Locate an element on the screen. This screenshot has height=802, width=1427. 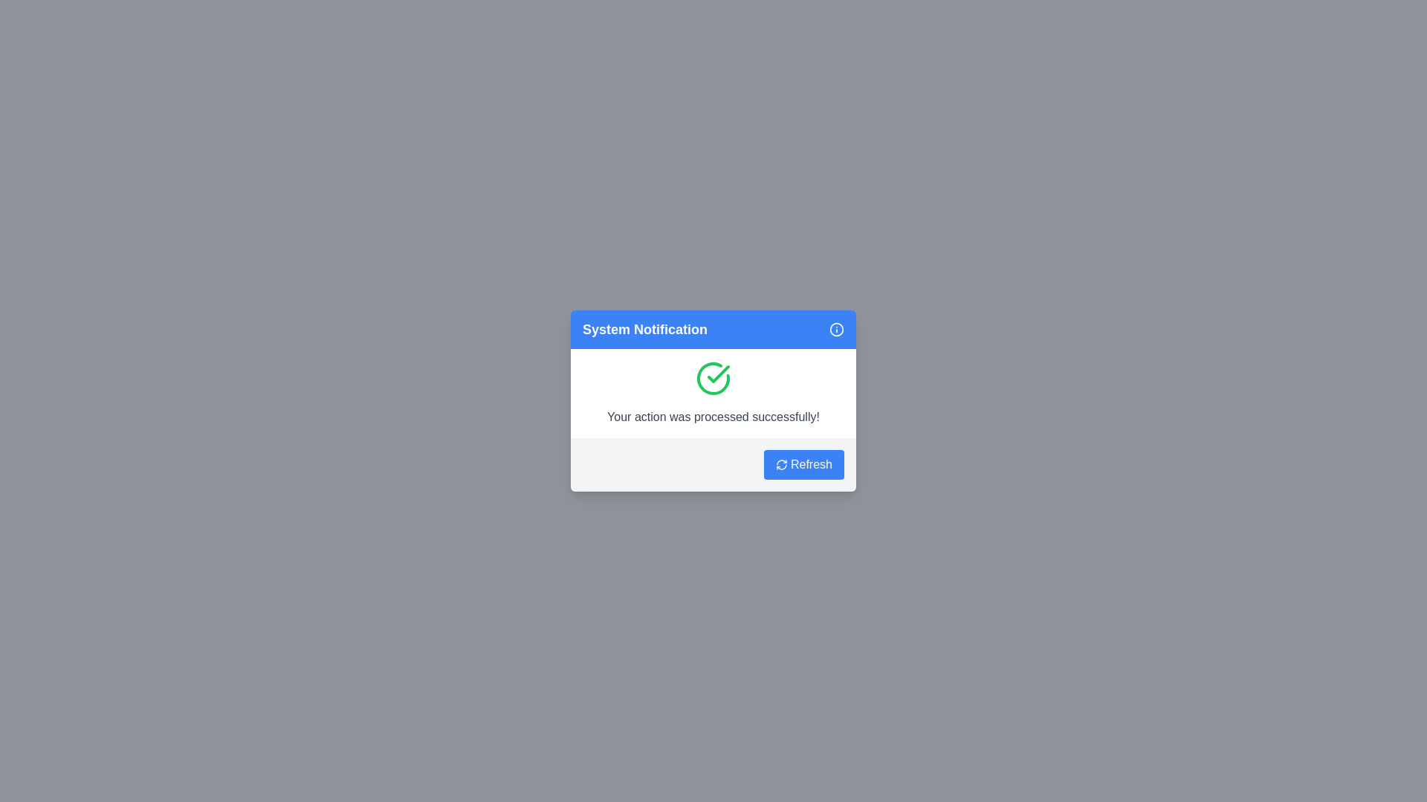
the success icon in the notification dialog is located at coordinates (713, 377).